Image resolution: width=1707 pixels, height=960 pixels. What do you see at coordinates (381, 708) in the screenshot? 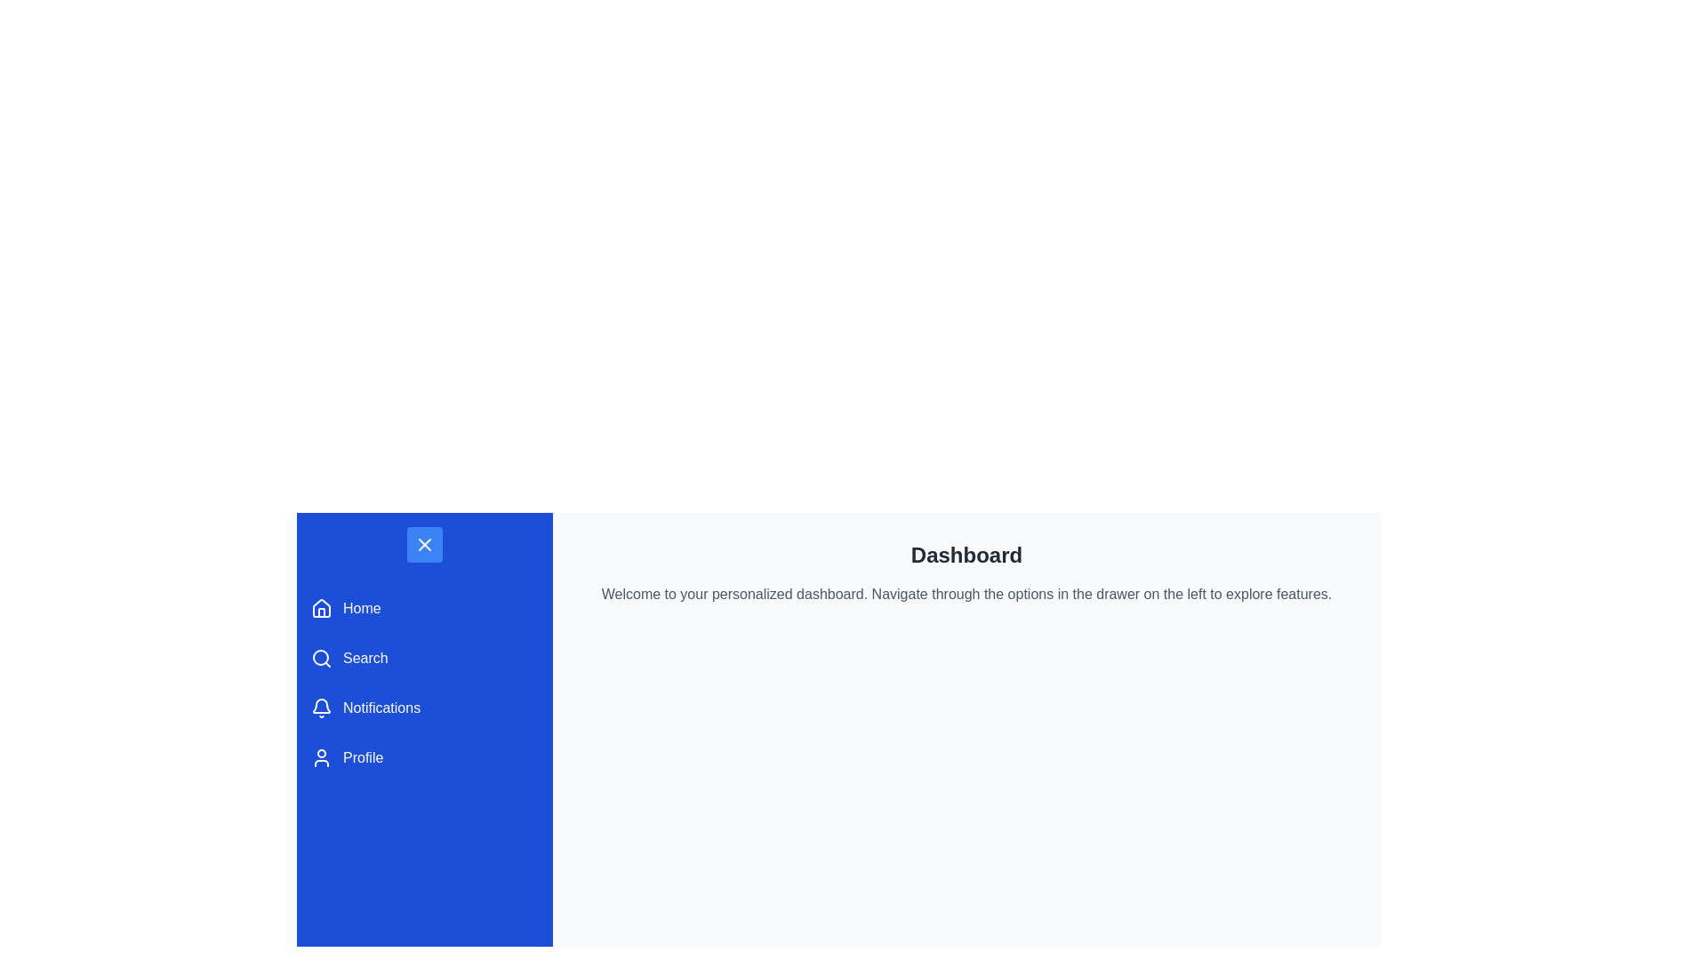
I see `Notifications label located within the navigation menu, positioned between the Search and Profile options, with a bell icon on the left` at bounding box center [381, 708].